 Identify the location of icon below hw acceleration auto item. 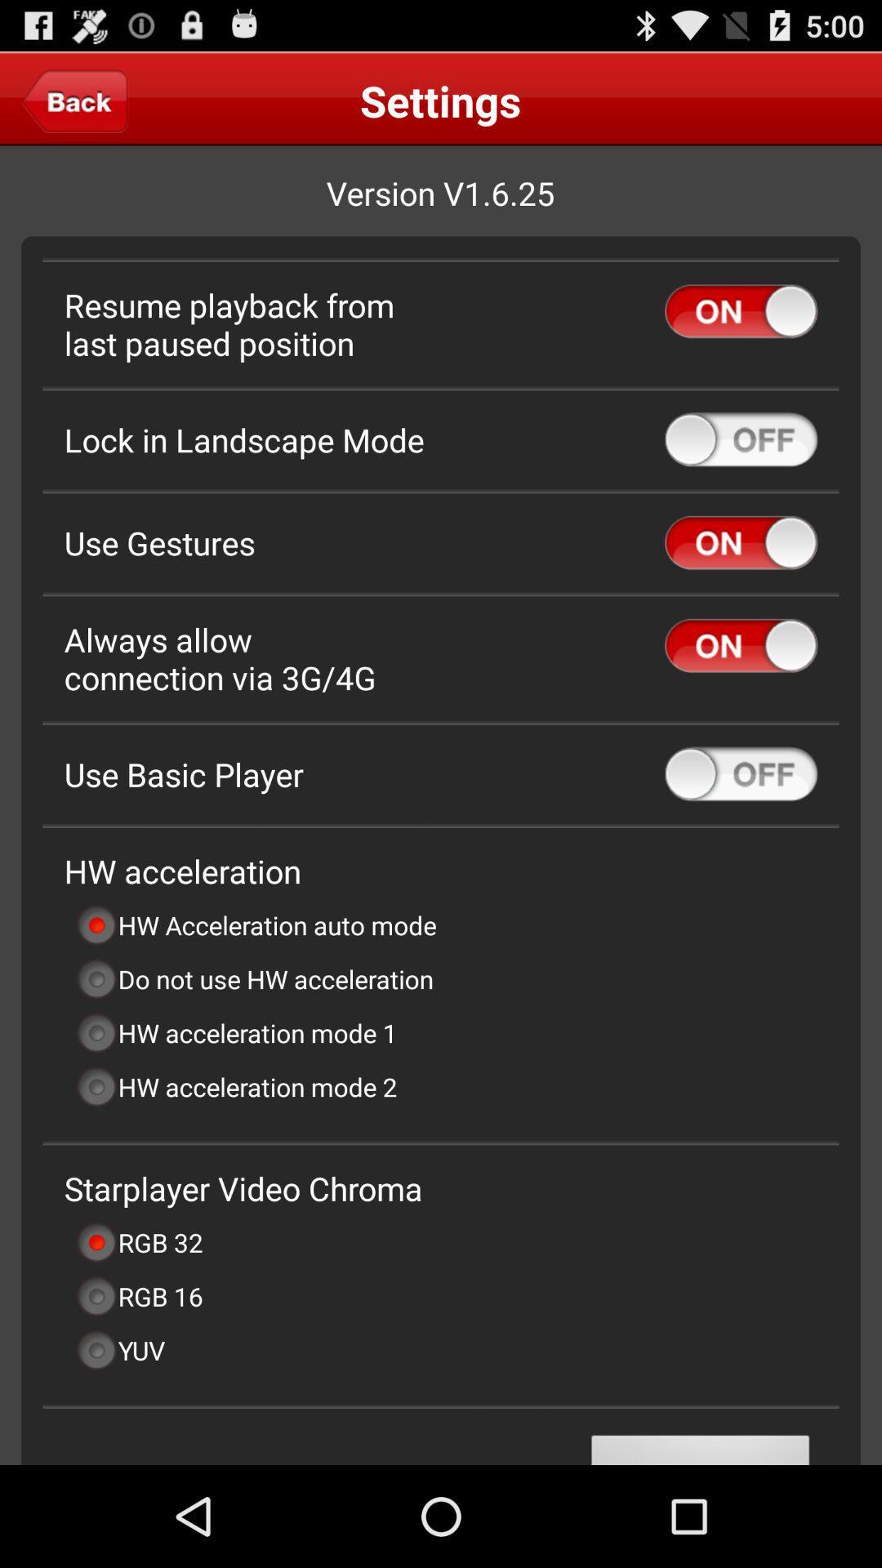
(254, 979).